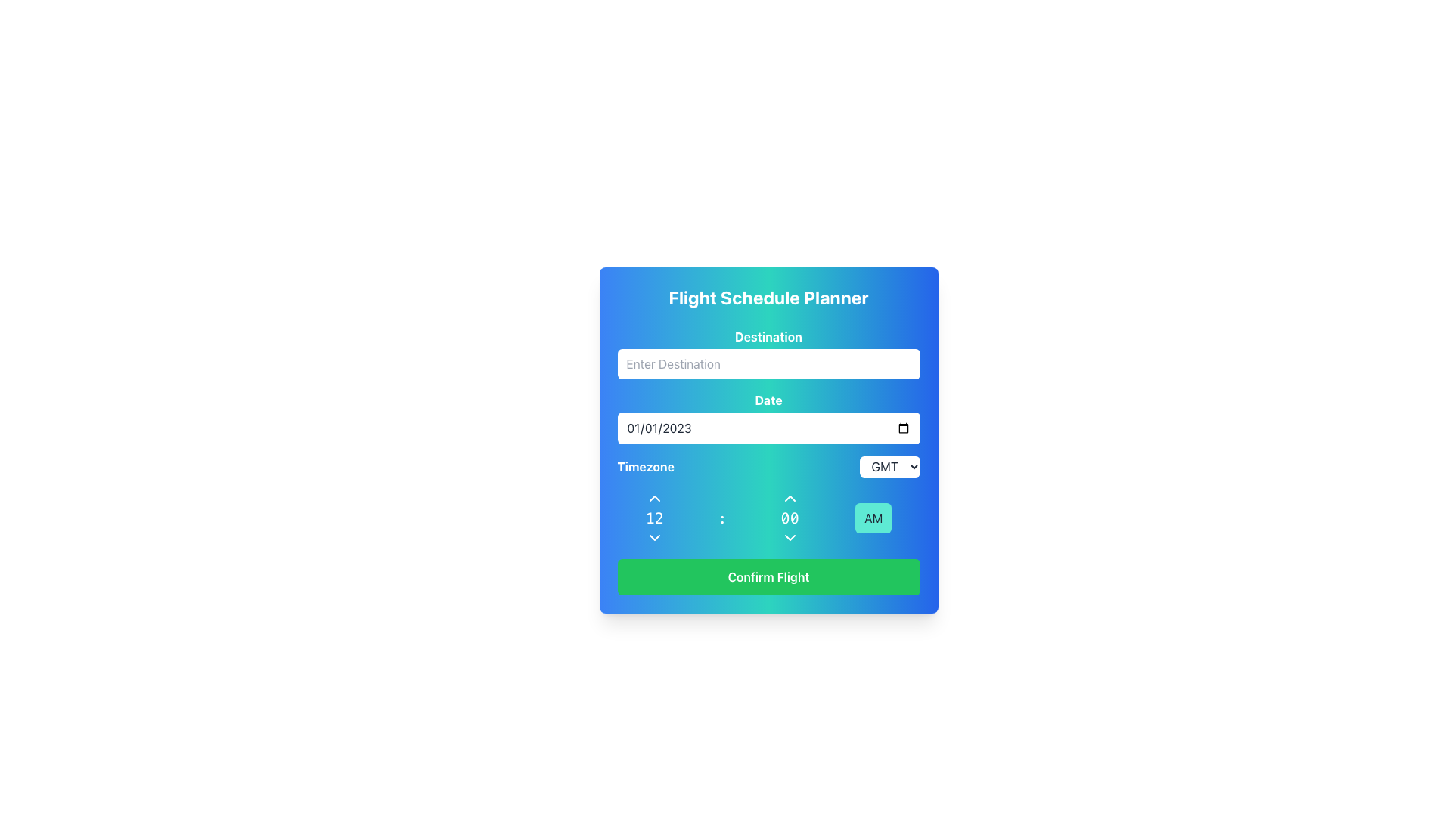 Image resolution: width=1452 pixels, height=816 pixels. I want to click on the static text display that represents the currently selected hour in the time picker interface, located between the down arrow and up arrow icons, so click(654, 518).